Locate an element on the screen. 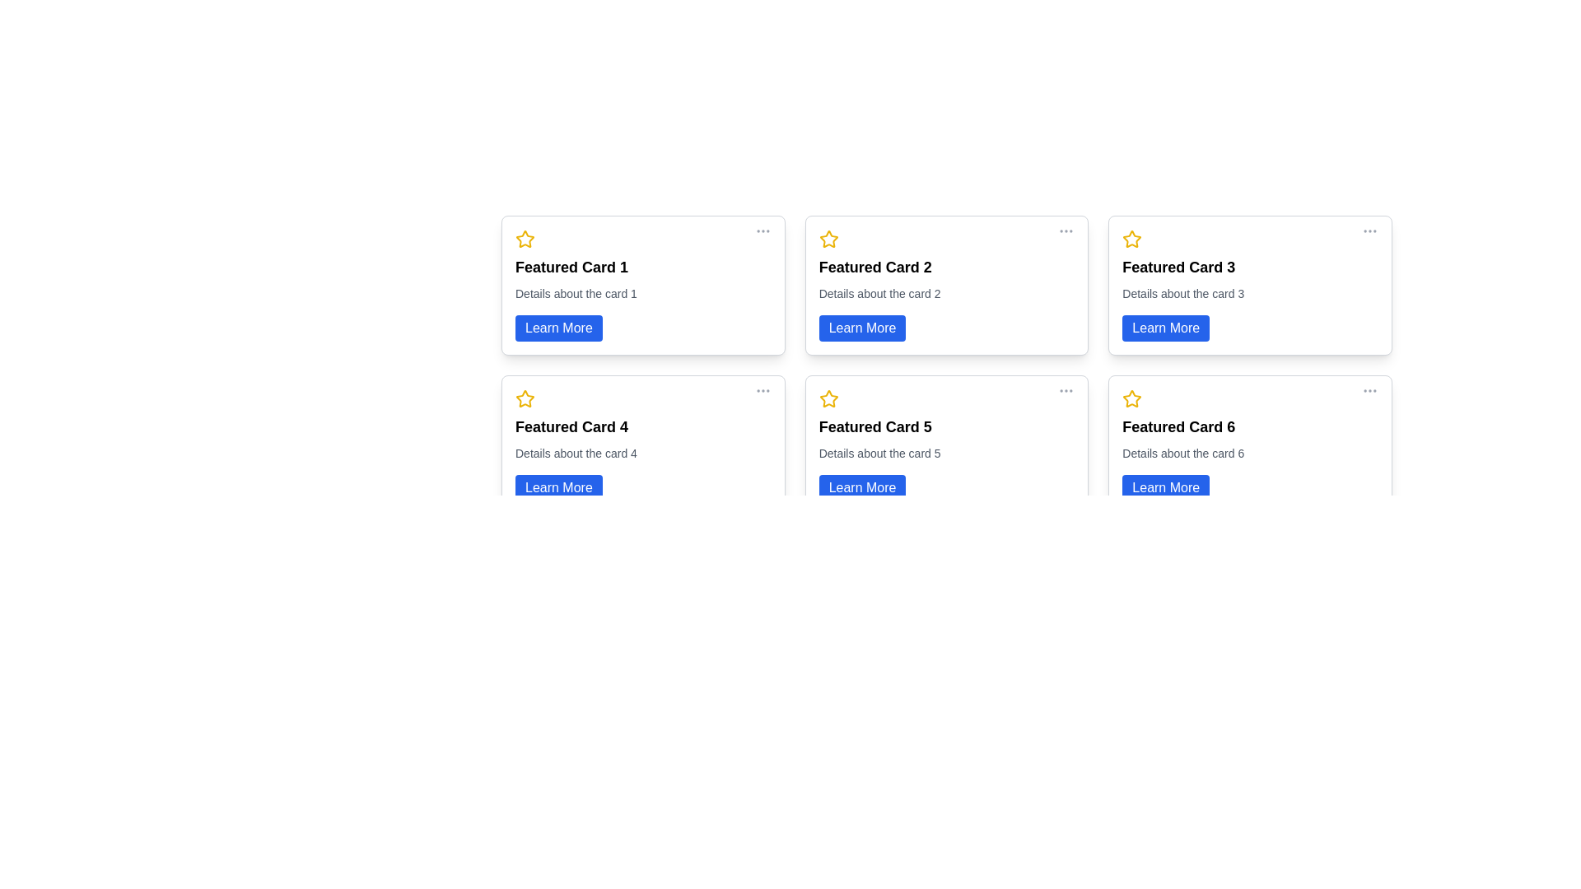 The width and height of the screenshot is (1581, 889). the 'Learn More' button at the bottom of 'Featured Card 1' to change its background color is located at coordinates (558, 328).